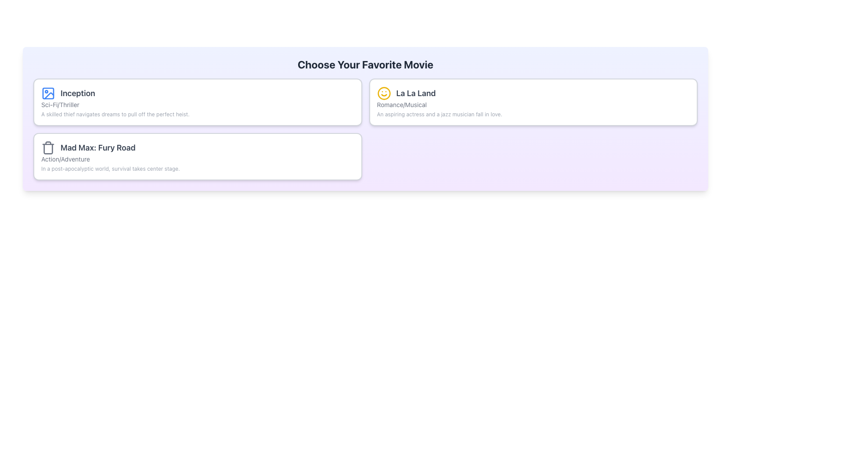 This screenshot has height=474, width=843. Describe the element at coordinates (401, 104) in the screenshot. I see `the text label displaying 'Romance/Musical', which is a smaller, gray-colored font positioned beneath the movie title in the card for 'La La Land'` at that location.